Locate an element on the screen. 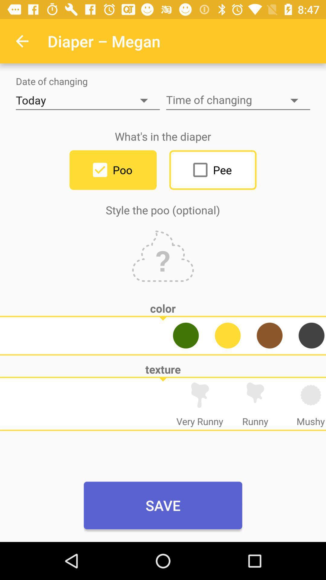  color is located at coordinates (269, 335).